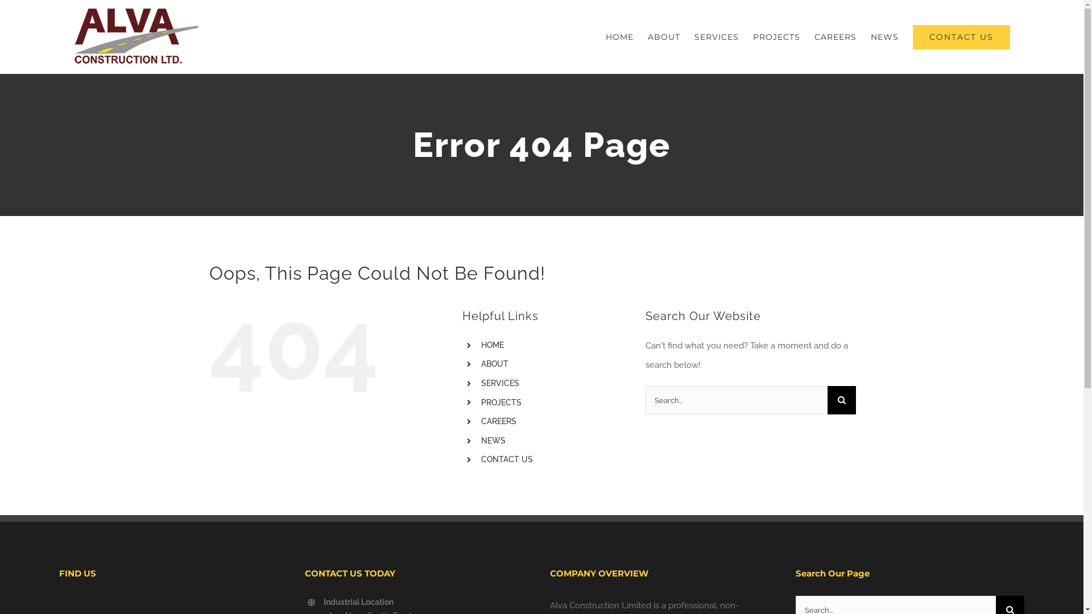 The image size is (1092, 614). I want to click on 'NEWS', so click(493, 440).